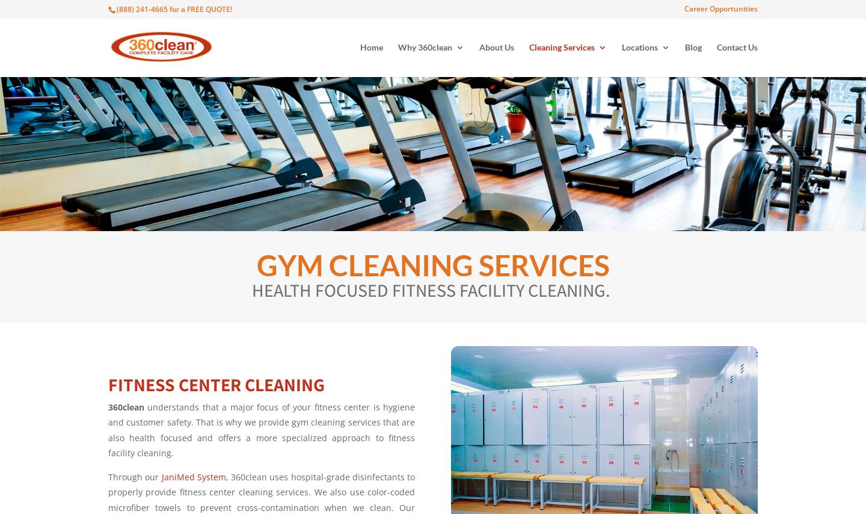 This screenshot has width=866, height=514. What do you see at coordinates (262, 430) in the screenshot?
I see `'understands that a major focus of your fitness center is hygiene and customer safety. That is why we provide gym cleaning services that are also health focused and offers a more specialized approach to fitness facility cleaning.'` at bounding box center [262, 430].